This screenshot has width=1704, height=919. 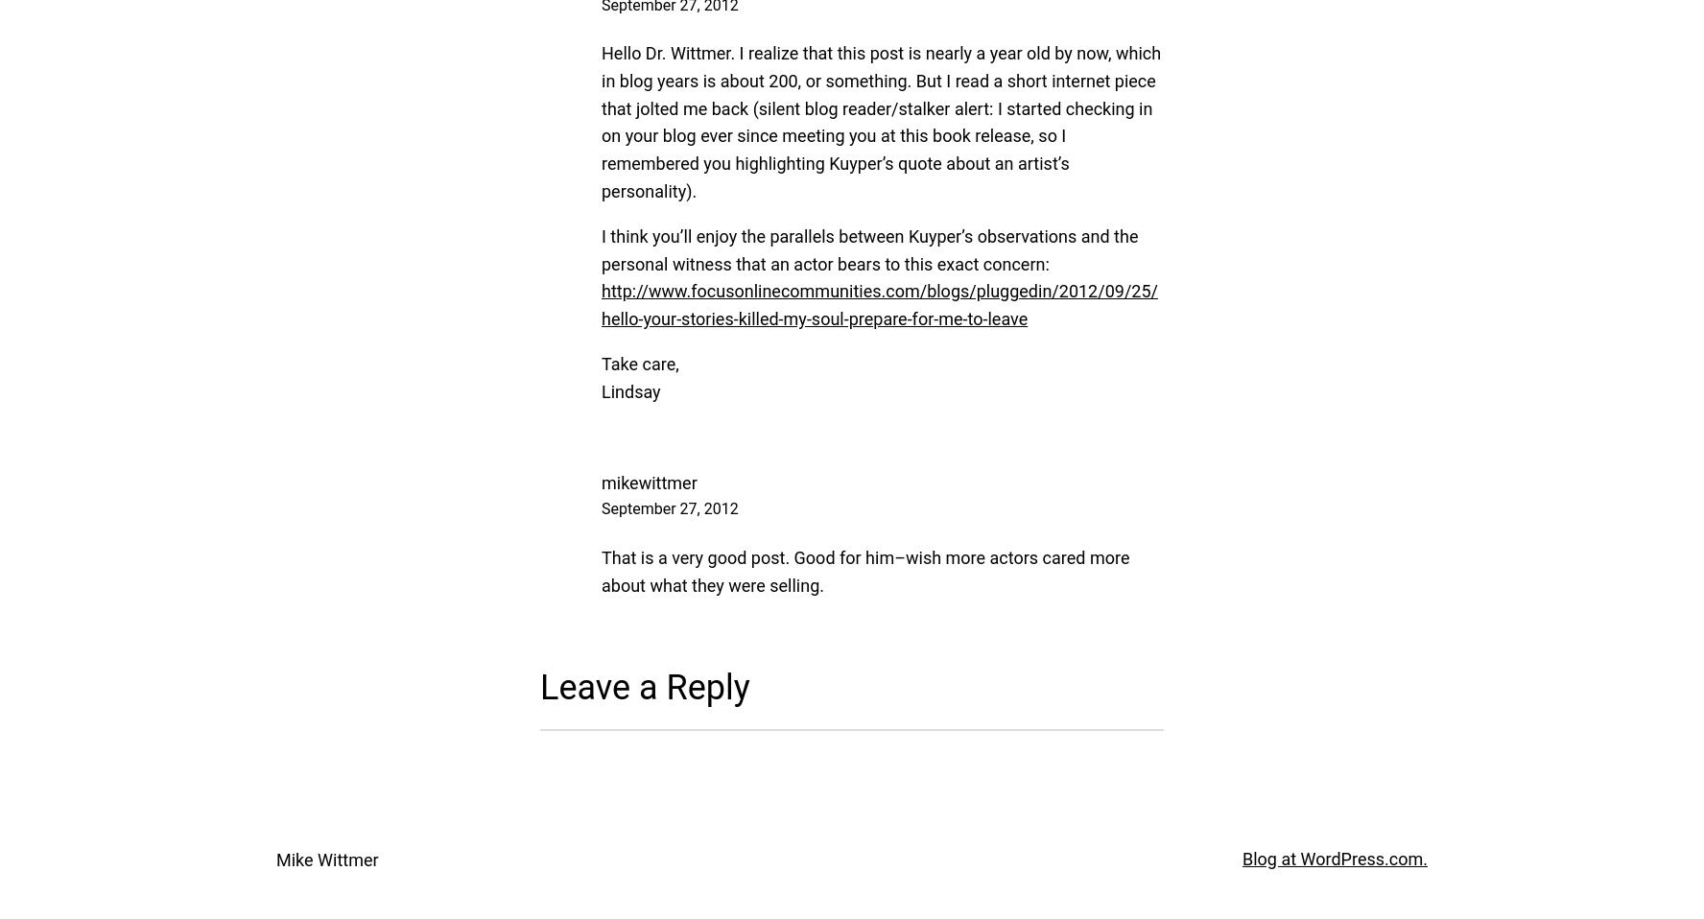 What do you see at coordinates (880, 122) in the screenshot?
I see `'Hello Dr. Wittmer.  I realize that this post is nearly a year old by now, which in blog years is about 200, or something.  But I read a short internet piece that jolted me back (silent blog reader/stalker alert: I started checking in on your blog ever since meeting you at this book release, so I remembered you highlighting Kuyper’s quote about an artist’s personality).'` at bounding box center [880, 122].